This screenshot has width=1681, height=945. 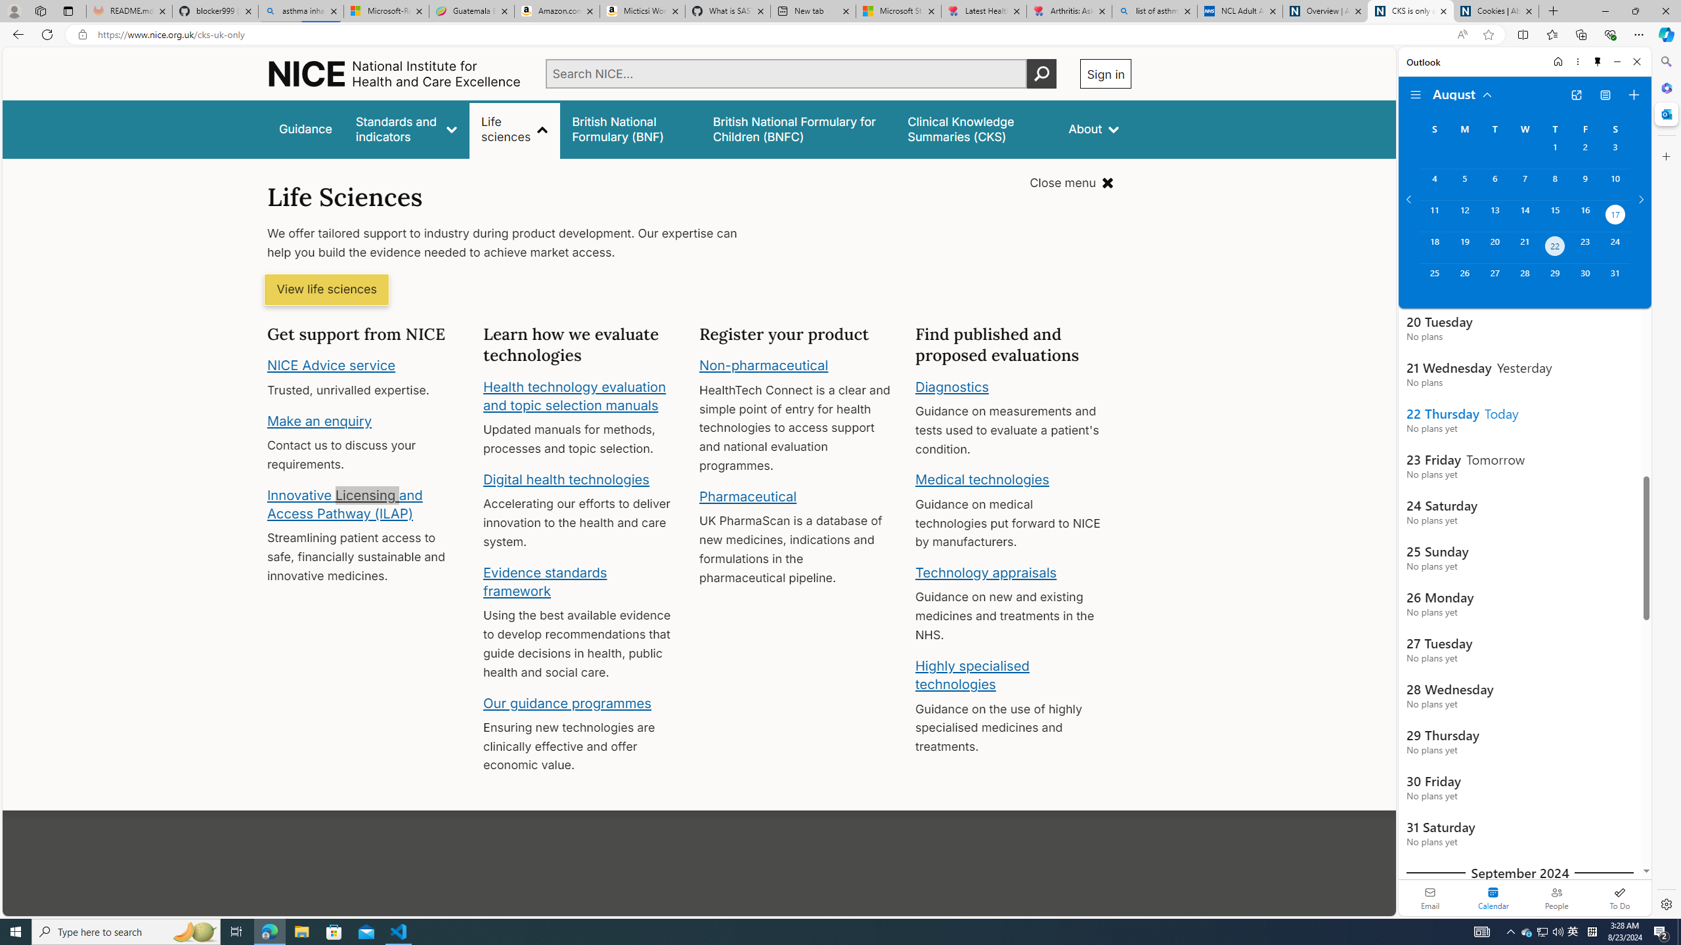 What do you see at coordinates (544, 581) in the screenshot?
I see `'Evidence standards framework'` at bounding box center [544, 581].